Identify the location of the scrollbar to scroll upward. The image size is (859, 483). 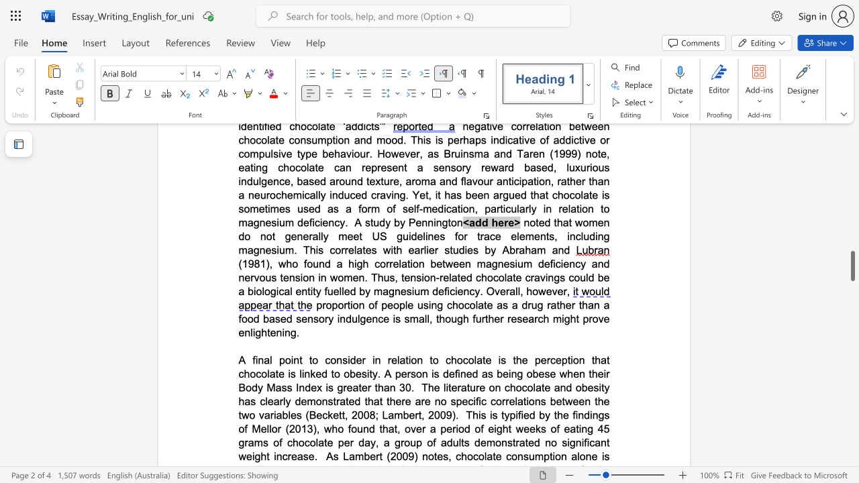
(852, 148).